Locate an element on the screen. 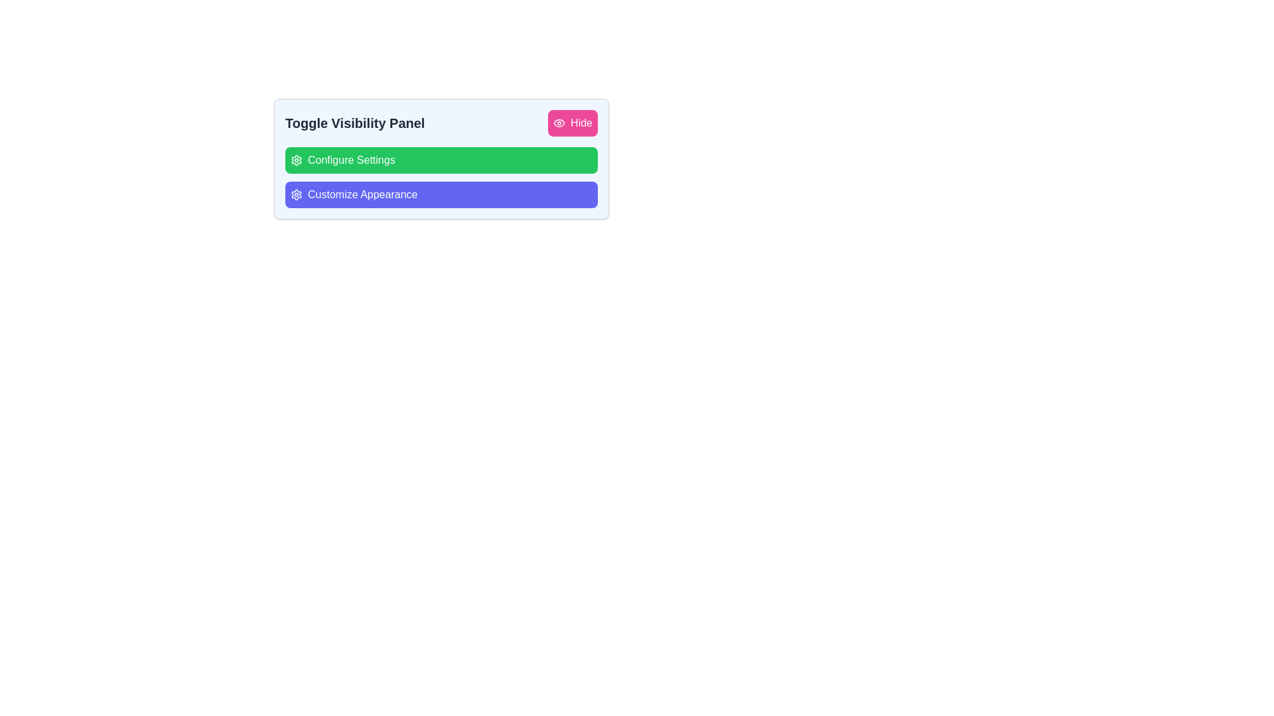  label within the button that indicates an action to hide related content, located at the top-right area of the 'Toggle Visibility Panel' section, next to an eye icon is located at coordinates (581, 123).